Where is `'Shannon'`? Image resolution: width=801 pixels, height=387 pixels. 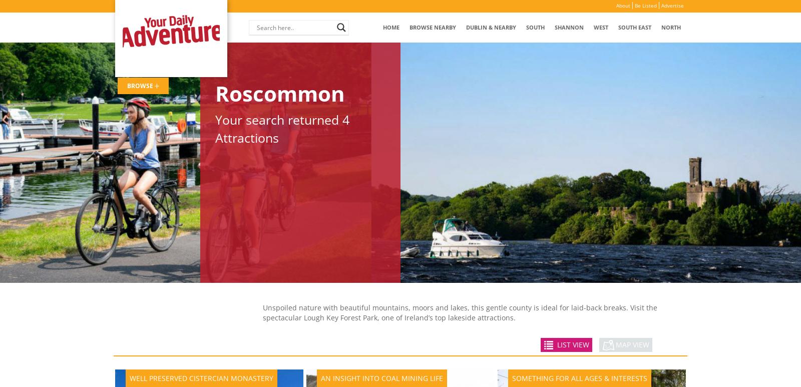 'Shannon' is located at coordinates (569, 27).